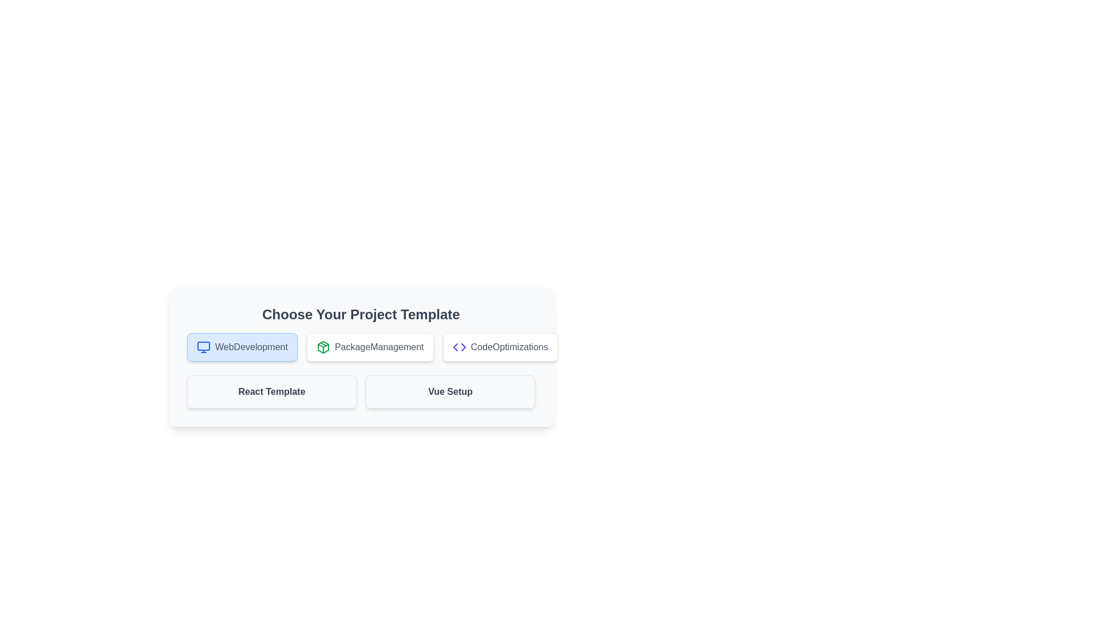 The image size is (1099, 618). I want to click on the text label 'CodeOptimizations' which is styled in medium gray, positioned in the bottom row of a grid of project templates, specifically in the third column from the left, adjacent to a coding brackets icon, so click(509, 346).